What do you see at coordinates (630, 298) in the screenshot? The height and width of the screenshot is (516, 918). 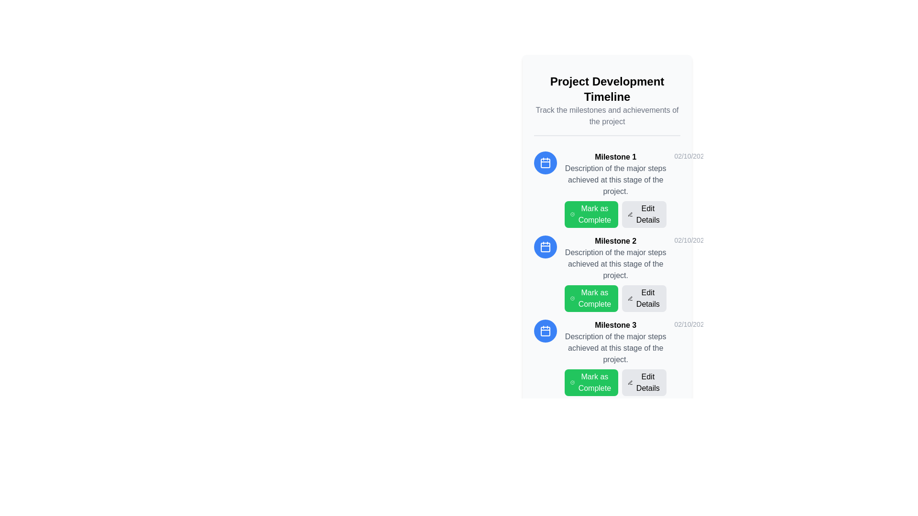 I see `the leftmost SVG icon within the 'Edit Details' button group located to the right side of each milestone block` at bounding box center [630, 298].